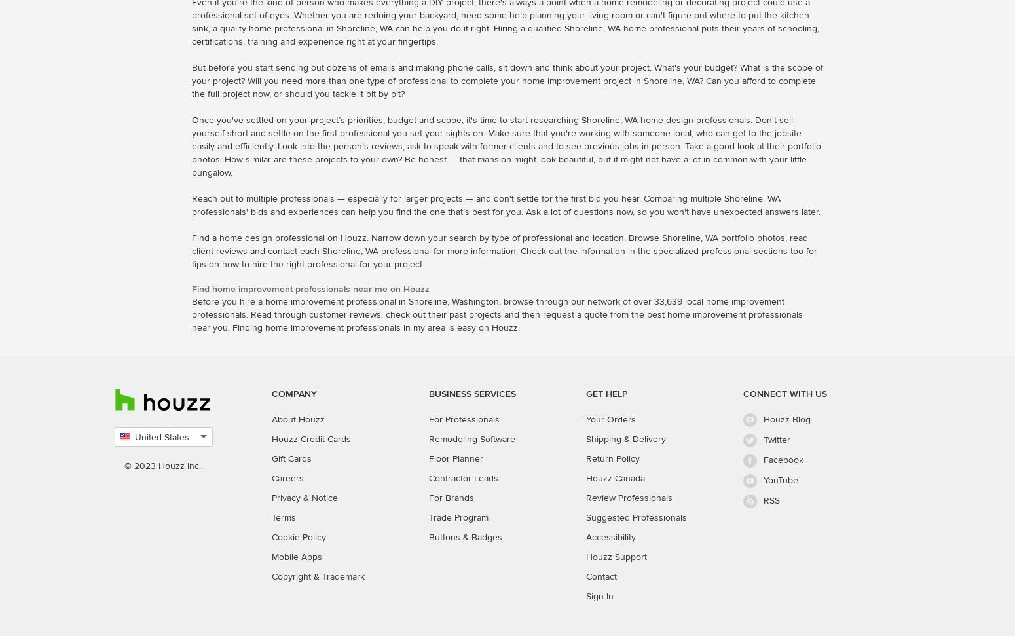 Image resolution: width=1015 pixels, height=636 pixels. I want to click on 'Find a home design professional on Houzz. Narrow down your search by type of professional and location. Browse Shoreline, WA portfolio photos, read client reviews and contact each Shoreline, WA professional for more information. Check out the information in the specialized professional sections too for tips on how to hire the right professional for your project.', so click(191, 250).